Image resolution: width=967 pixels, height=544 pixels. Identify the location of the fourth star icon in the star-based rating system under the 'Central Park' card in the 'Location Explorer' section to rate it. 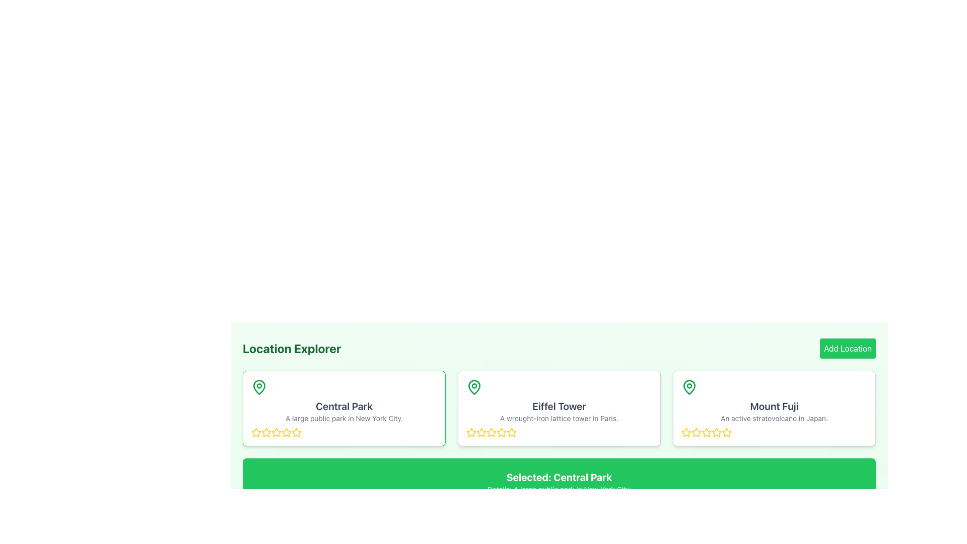
(296, 431).